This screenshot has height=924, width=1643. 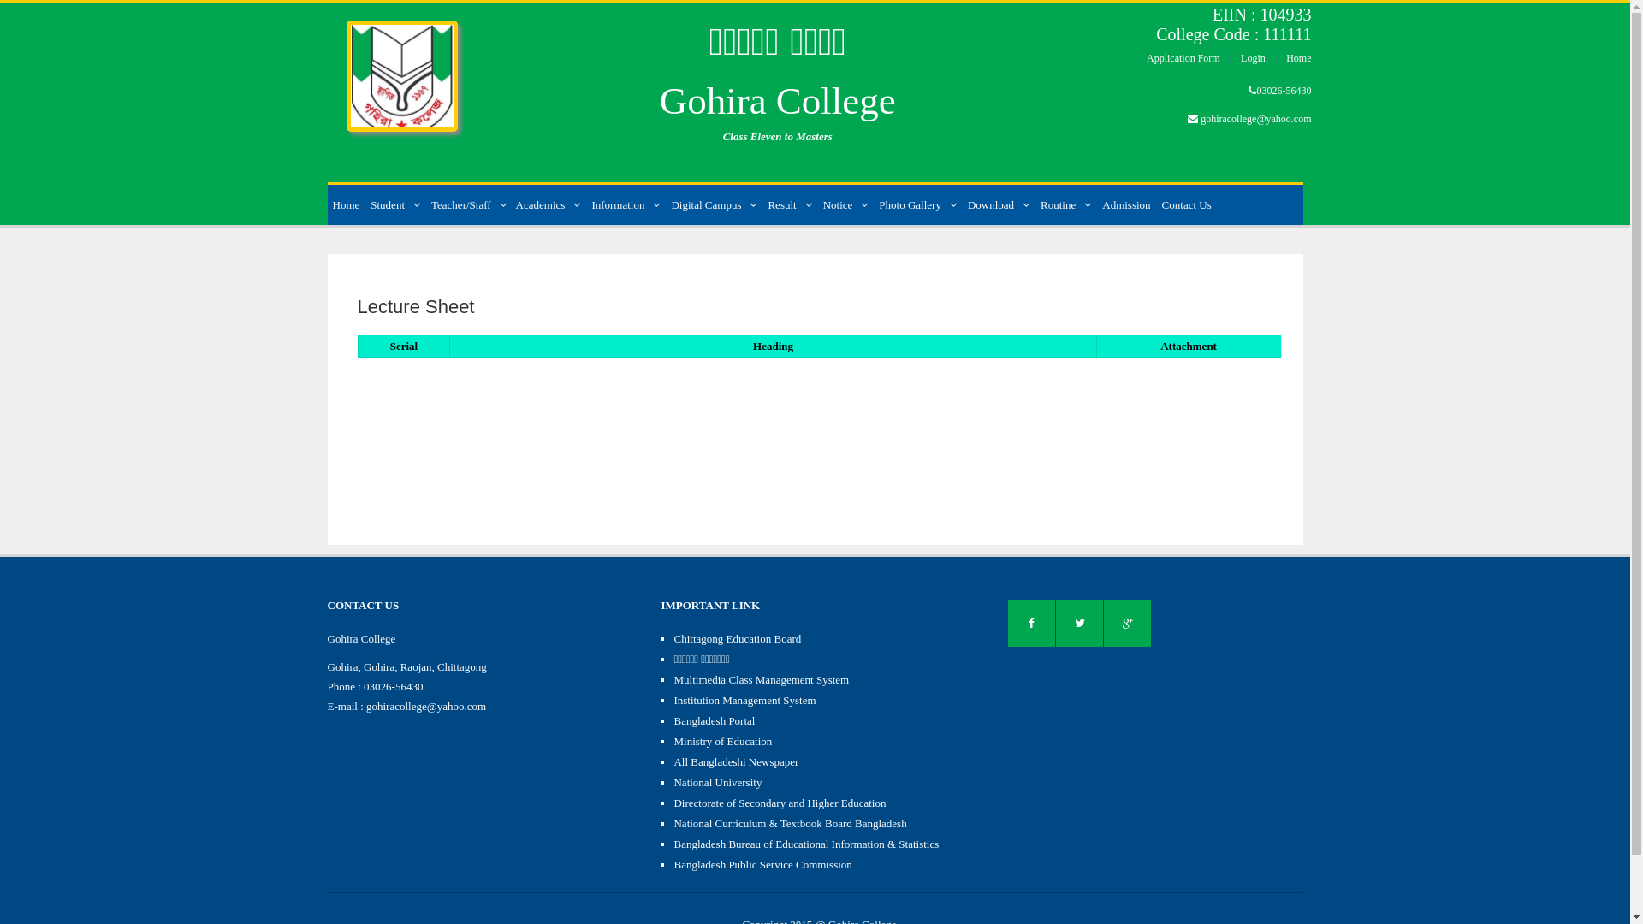 What do you see at coordinates (714, 720) in the screenshot?
I see `'Bangladesh Portal'` at bounding box center [714, 720].